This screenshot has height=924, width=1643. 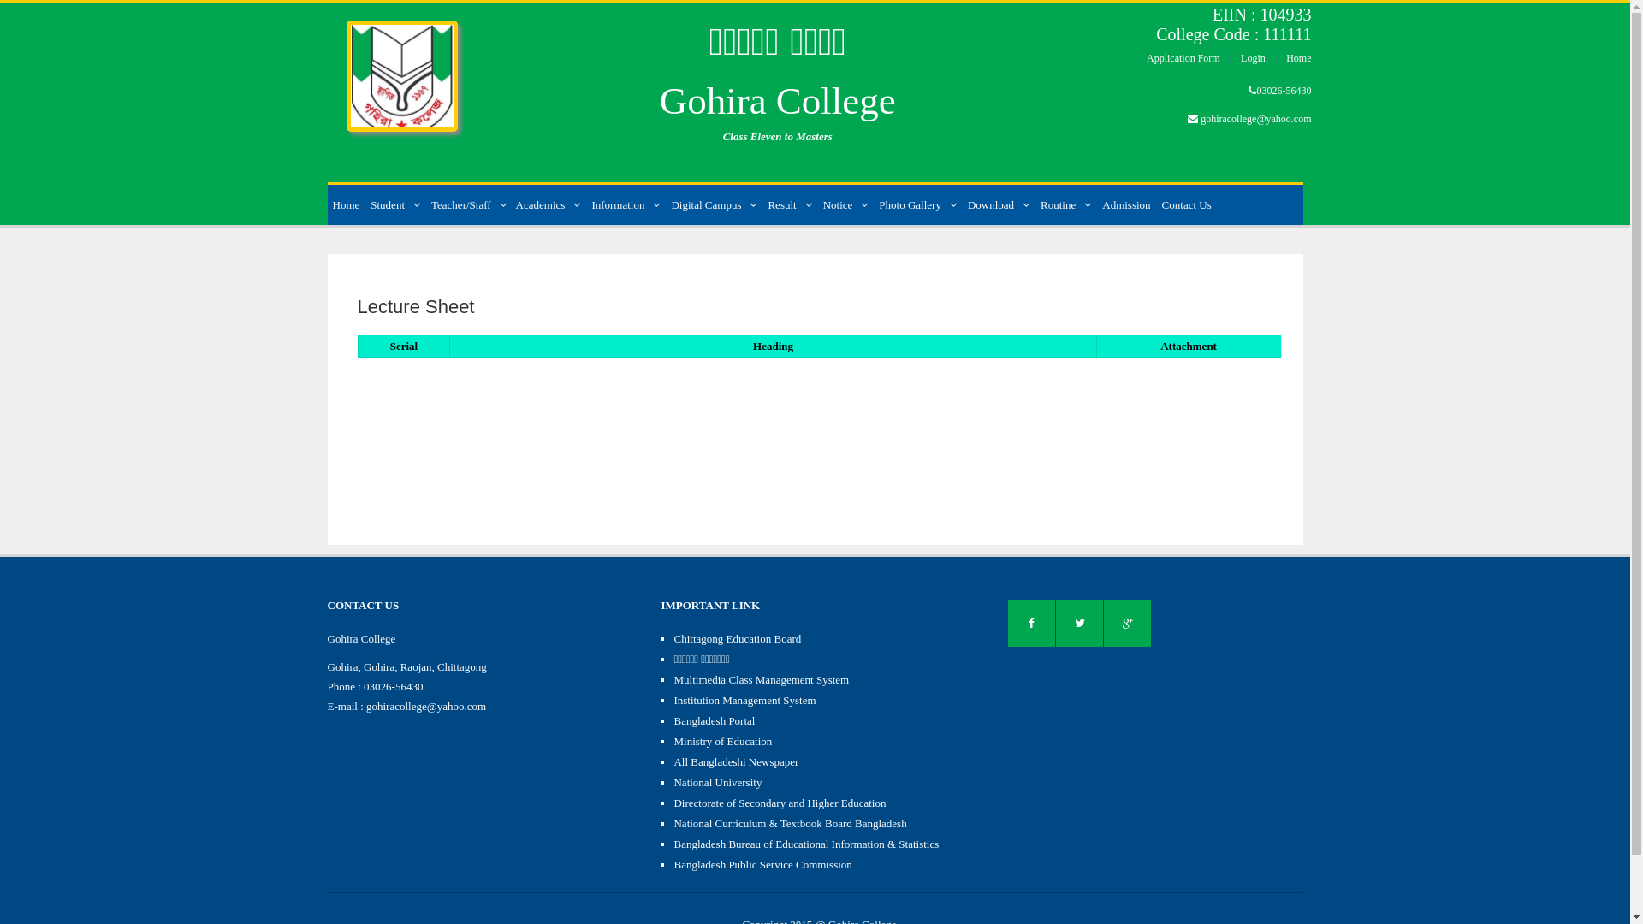 What do you see at coordinates (714, 720) in the screenshot?
I see `'Bangladesh Portal'` at bounding box center [714, 720].